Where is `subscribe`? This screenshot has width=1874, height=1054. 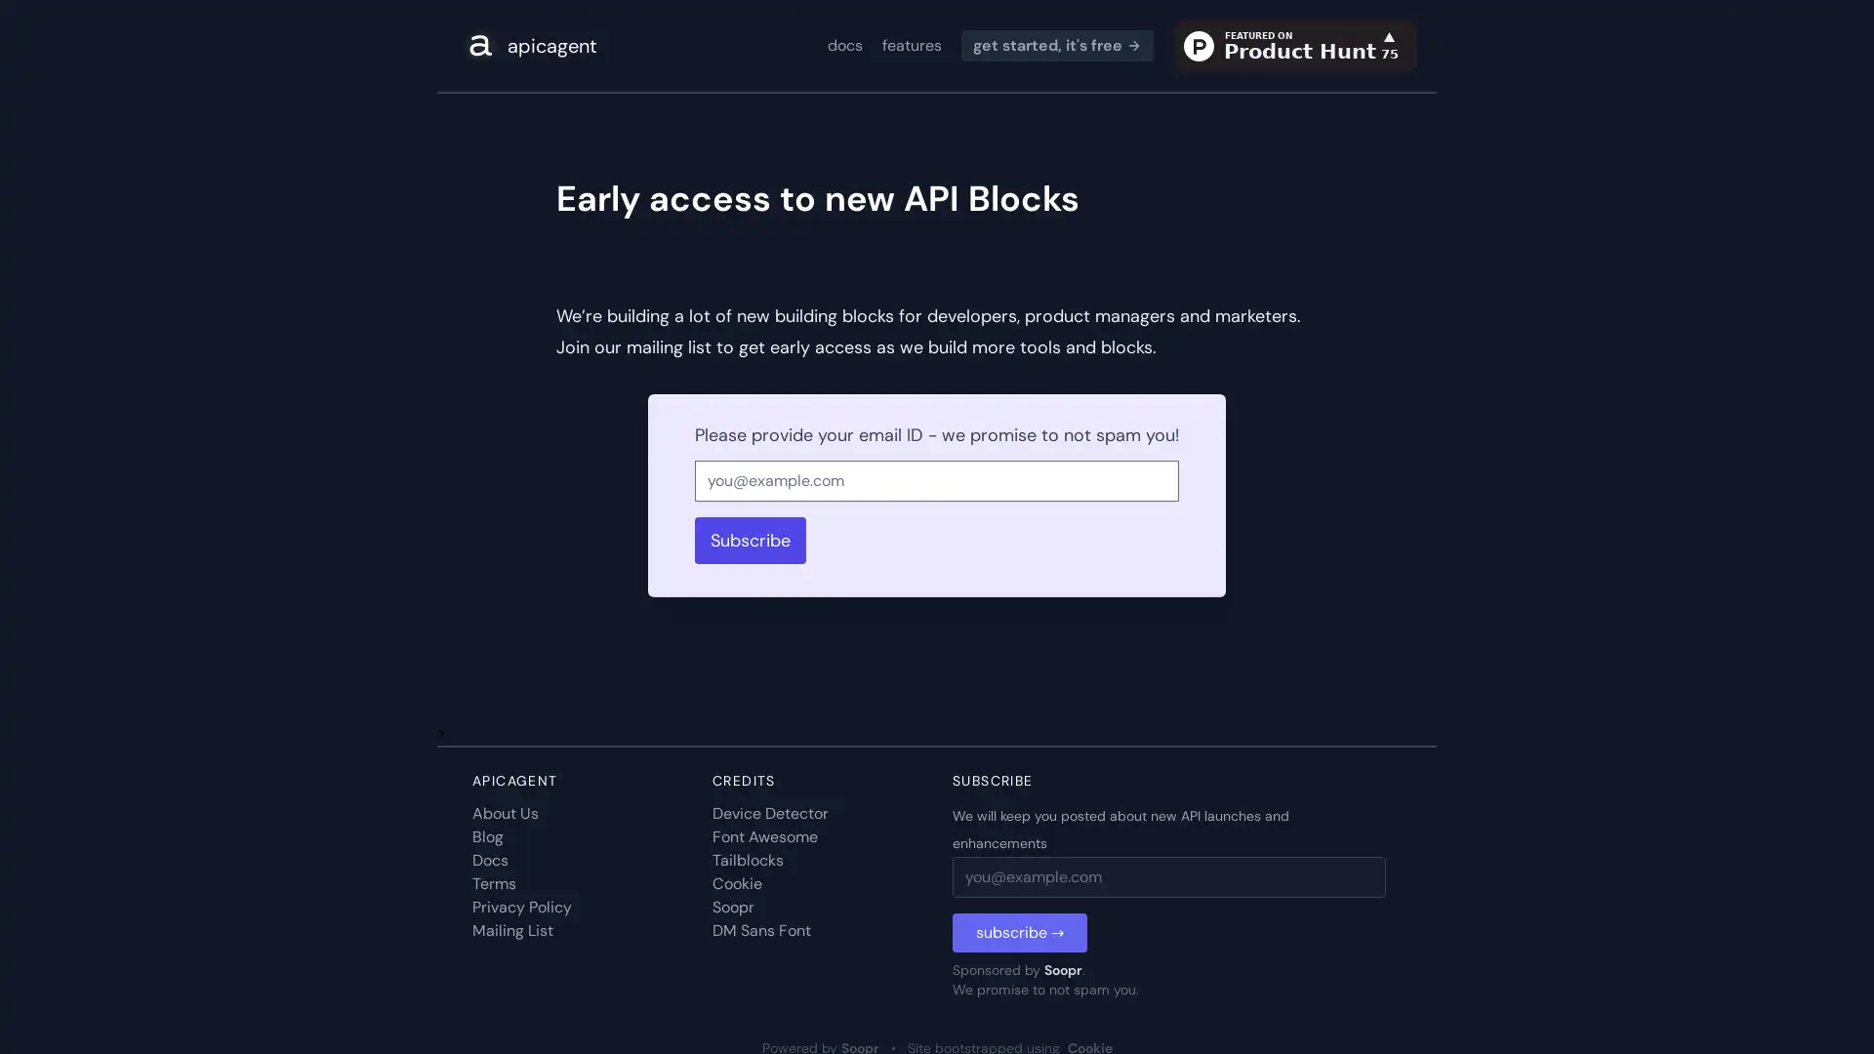
subscribe is located at coordinates (1019, 932).